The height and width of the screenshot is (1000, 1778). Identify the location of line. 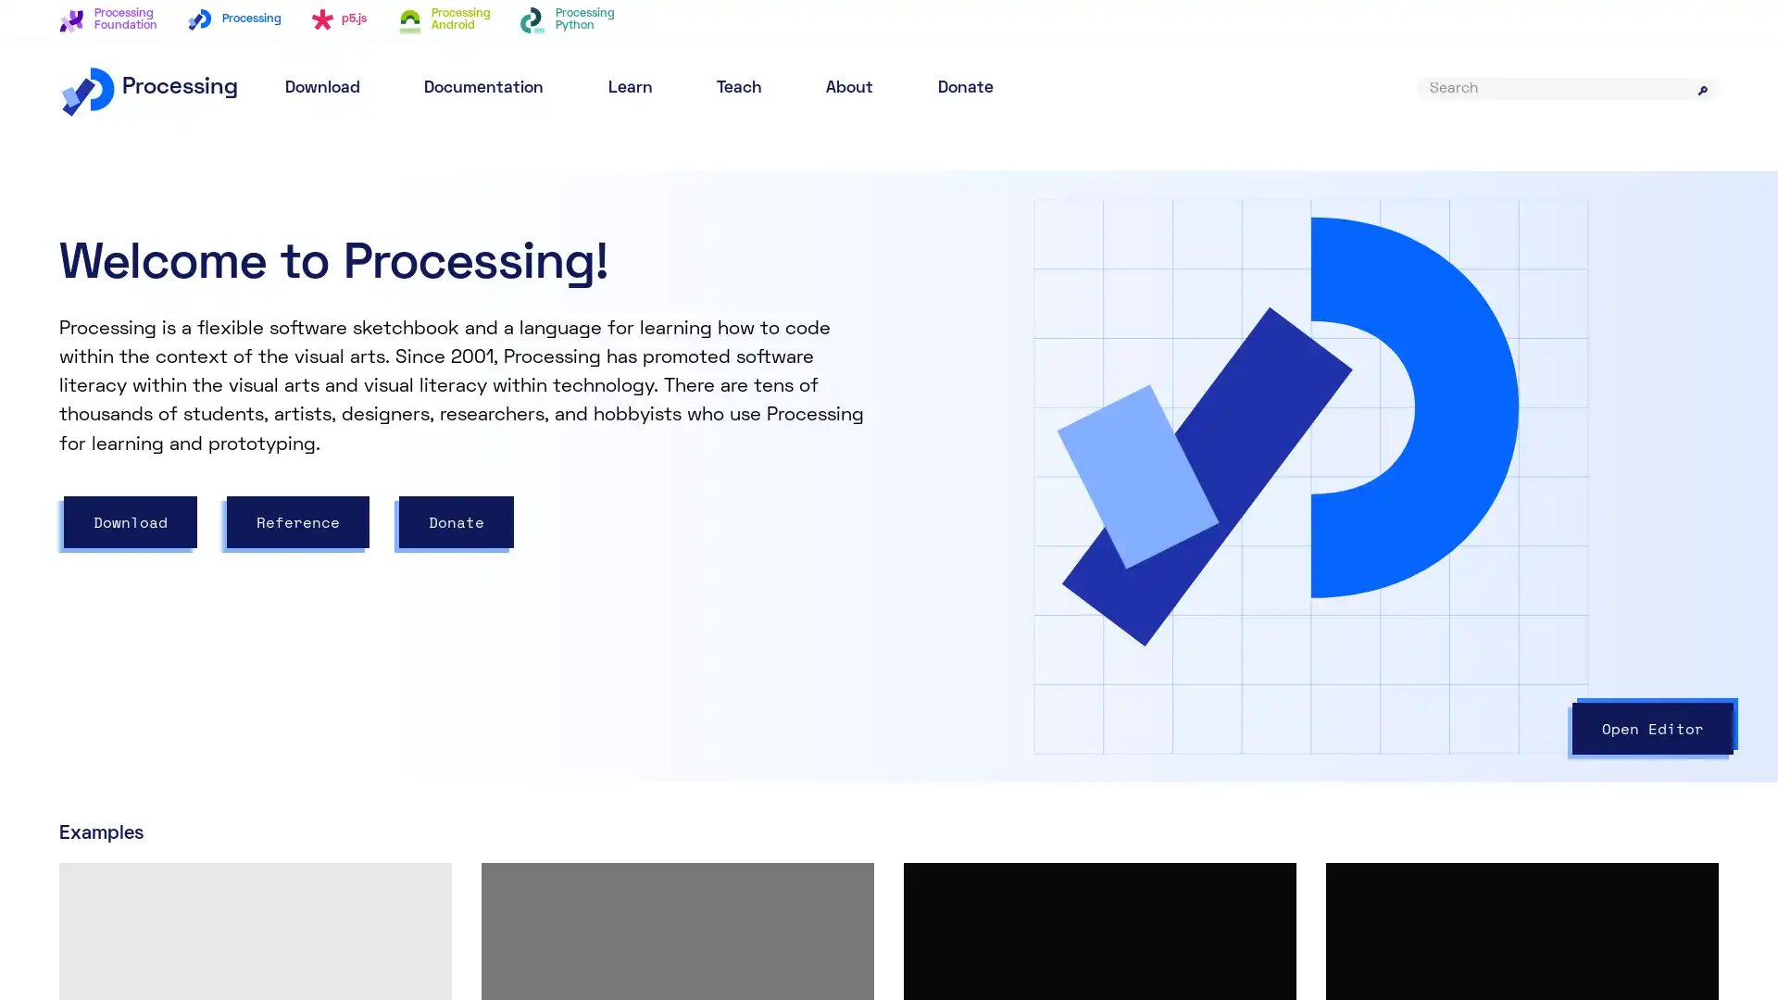
(959, 570).